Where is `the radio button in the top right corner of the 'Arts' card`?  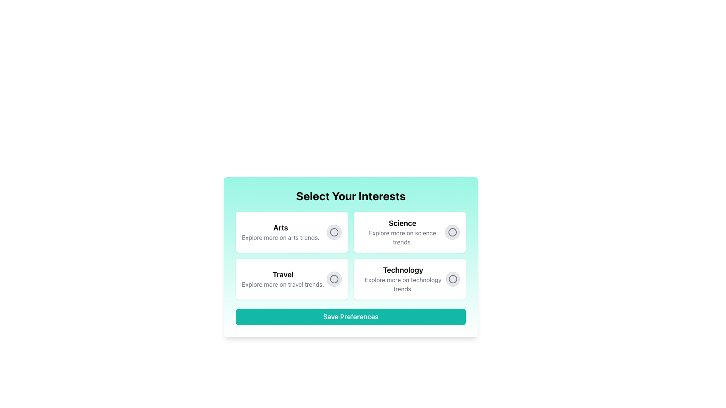 the radio button in the top right corner of the 'Arts' card is located at coordinates (334, 232).